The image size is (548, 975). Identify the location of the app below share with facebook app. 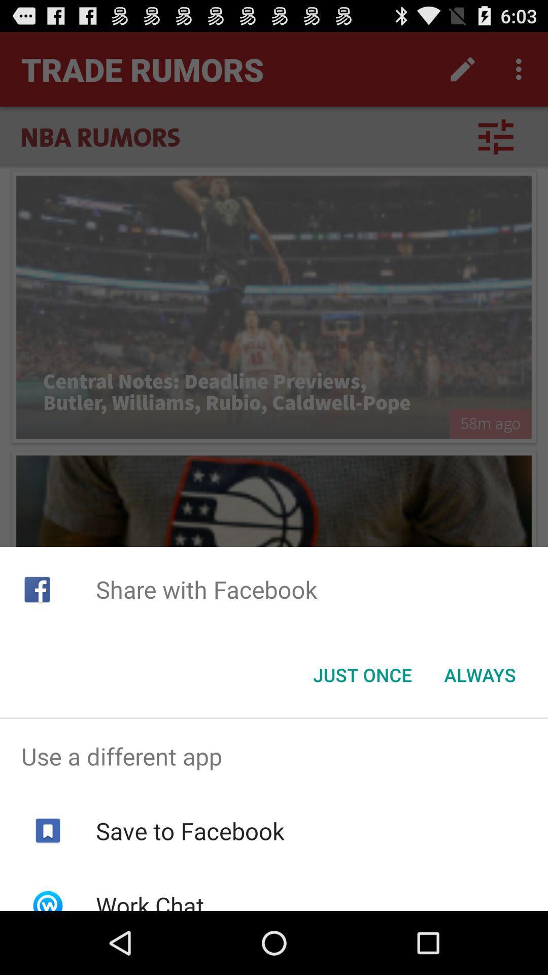
(362, 675).